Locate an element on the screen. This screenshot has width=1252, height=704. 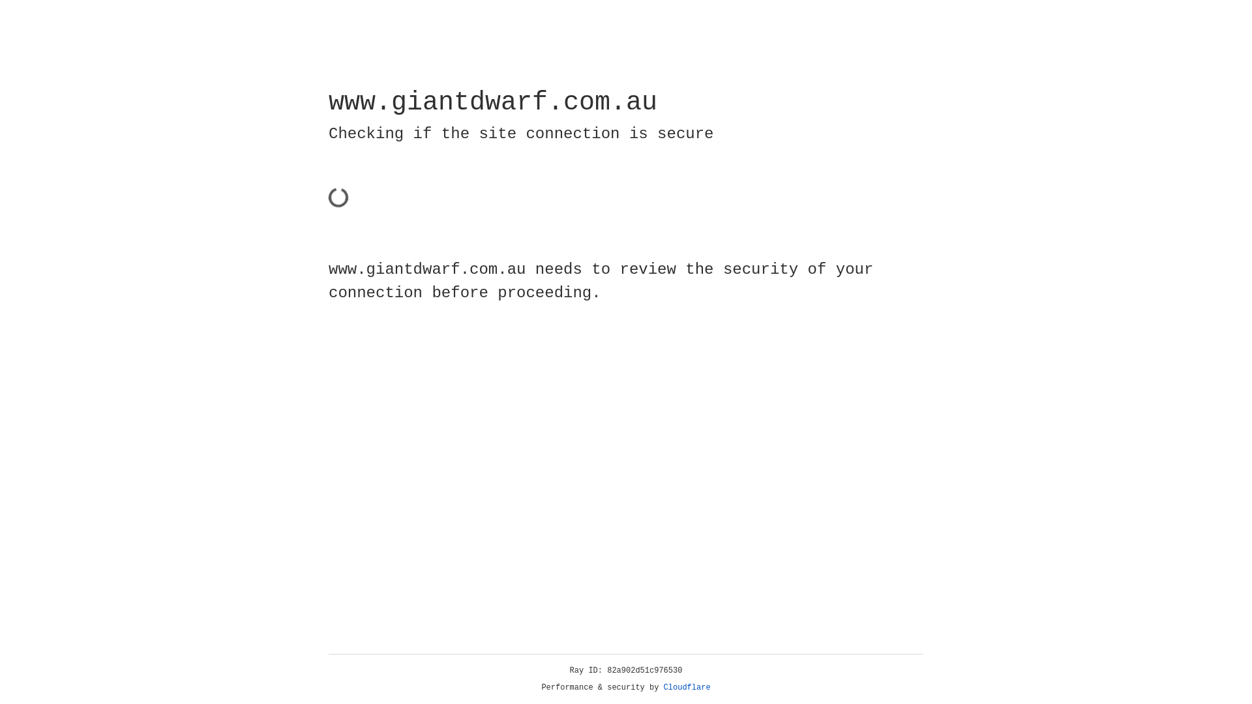
'Cloudflare' is located at coordinates (687, 687).